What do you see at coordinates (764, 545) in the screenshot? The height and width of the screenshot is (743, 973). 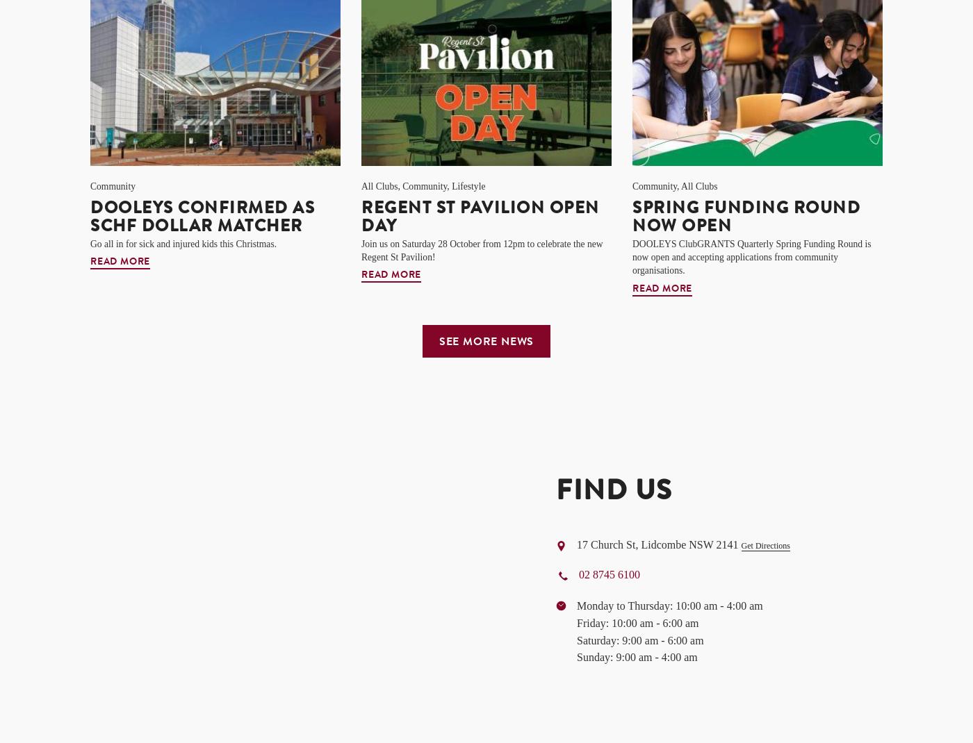 I see `'Get Directions'` at bounding box center [764, 545].